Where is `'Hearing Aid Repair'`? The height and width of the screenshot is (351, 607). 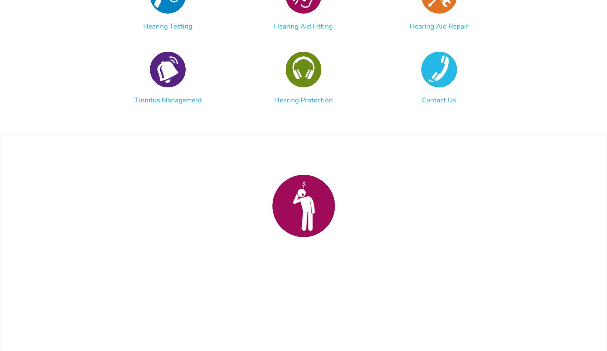 'Hearing Aid Repair' is located at coordinates (438, 26).